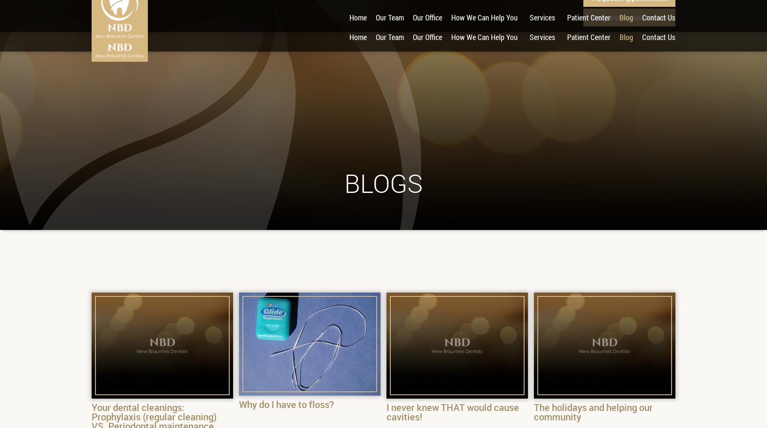 The image size is (767, 428). I want to click on 'Contact Us', so click(658, 37).